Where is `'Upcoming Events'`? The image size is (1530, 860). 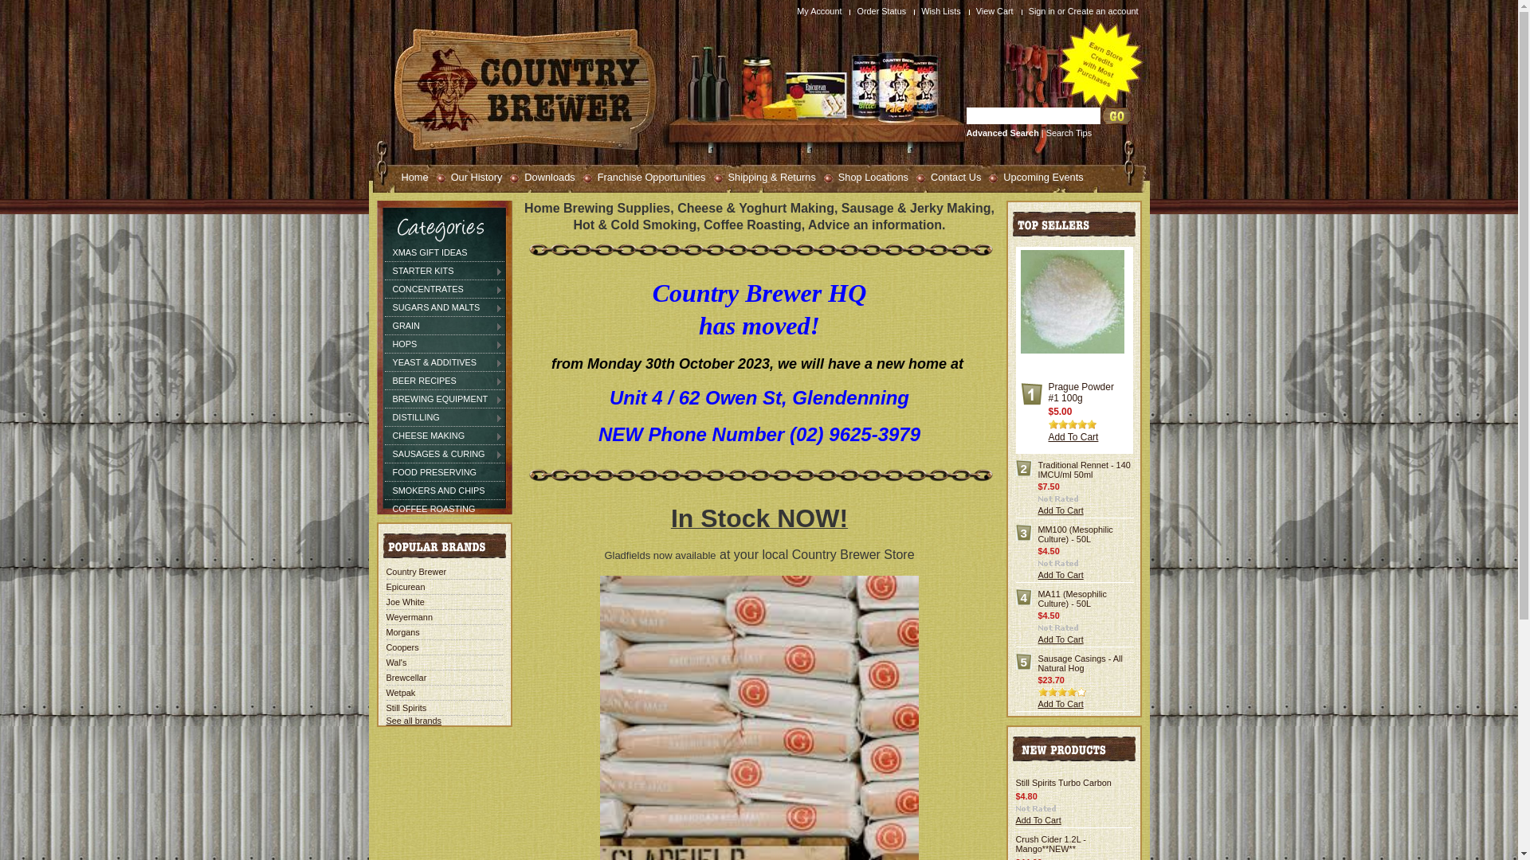 'Upcoming Events' is located at coordinates (1036, 176).